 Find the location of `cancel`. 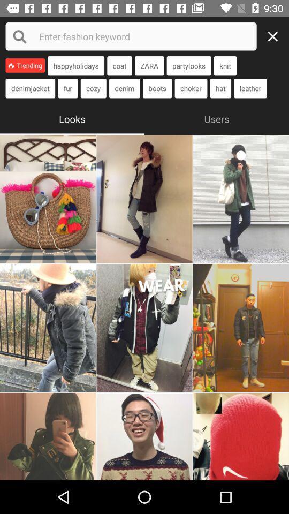

cancel is located at coordinates (276, 36).